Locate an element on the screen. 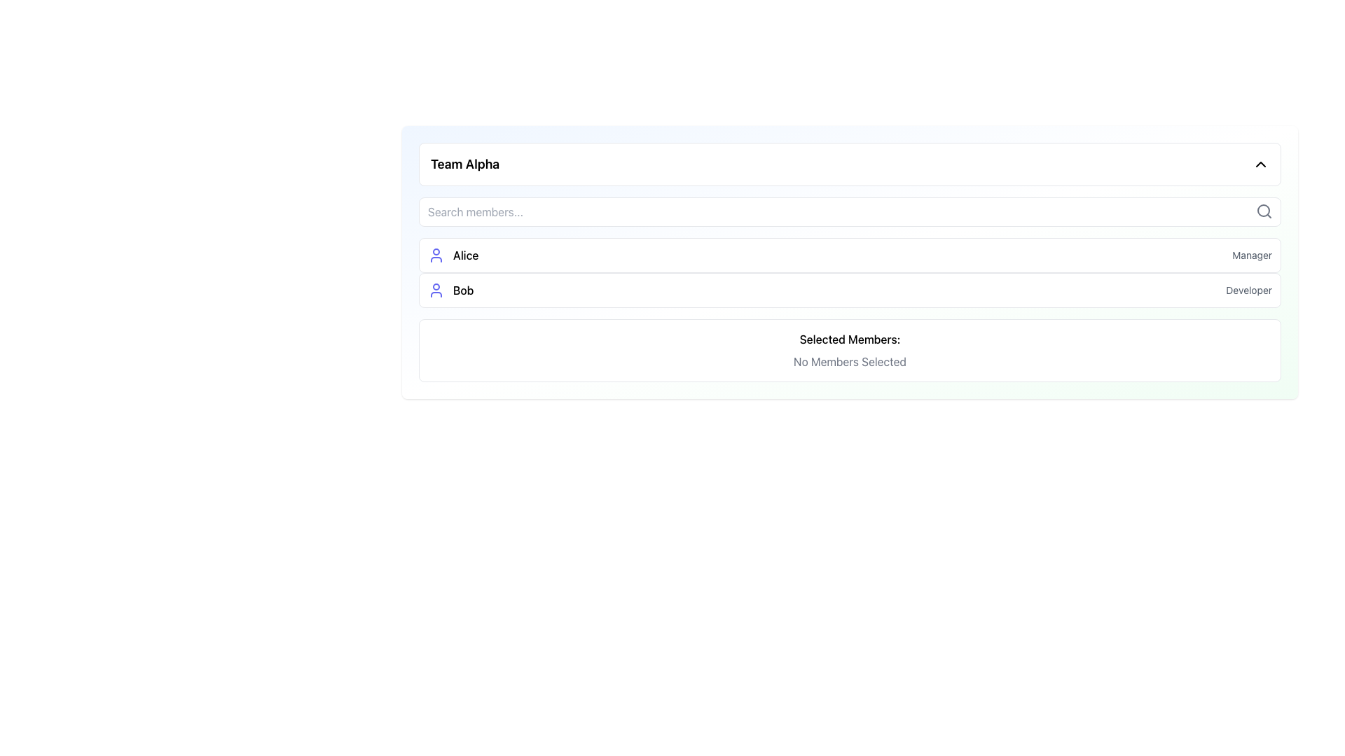 Image resolution: width=1345 pixels, height=756 pixels. the text label displaying 'No Members Selected' which is styled in gray color and located below the label 'Selected Members:' is located at coordinates (849, 360).